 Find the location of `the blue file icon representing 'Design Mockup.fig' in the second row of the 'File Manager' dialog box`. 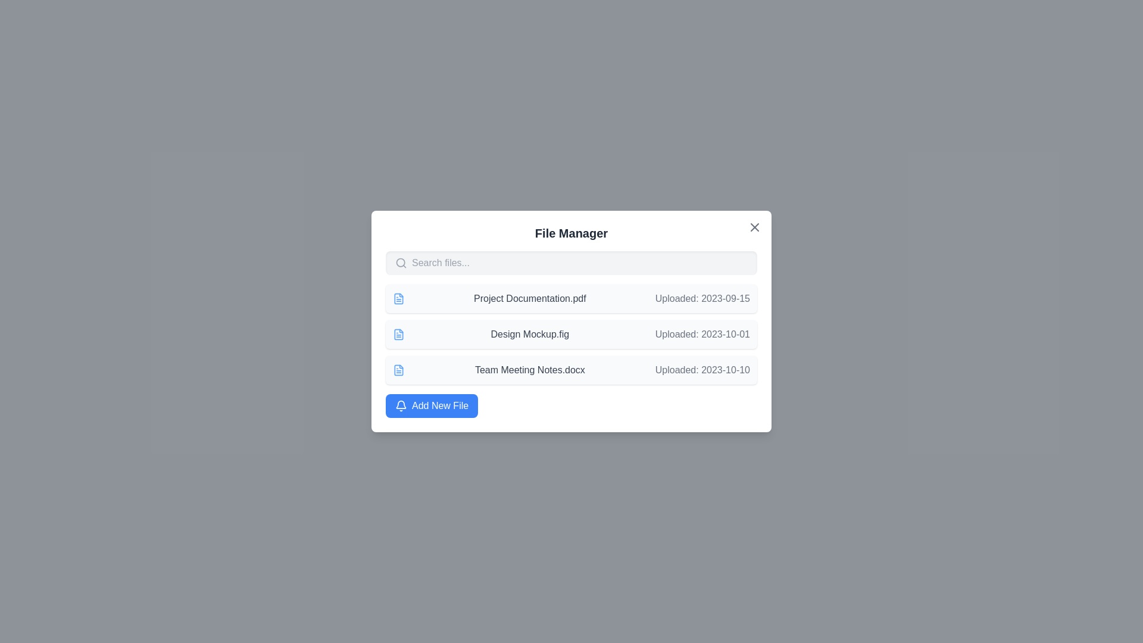

the blue file icon representing 'Design Mockup.fig' in the second row of the 'File Manager' dialog box is located at coordinates (399, 335).